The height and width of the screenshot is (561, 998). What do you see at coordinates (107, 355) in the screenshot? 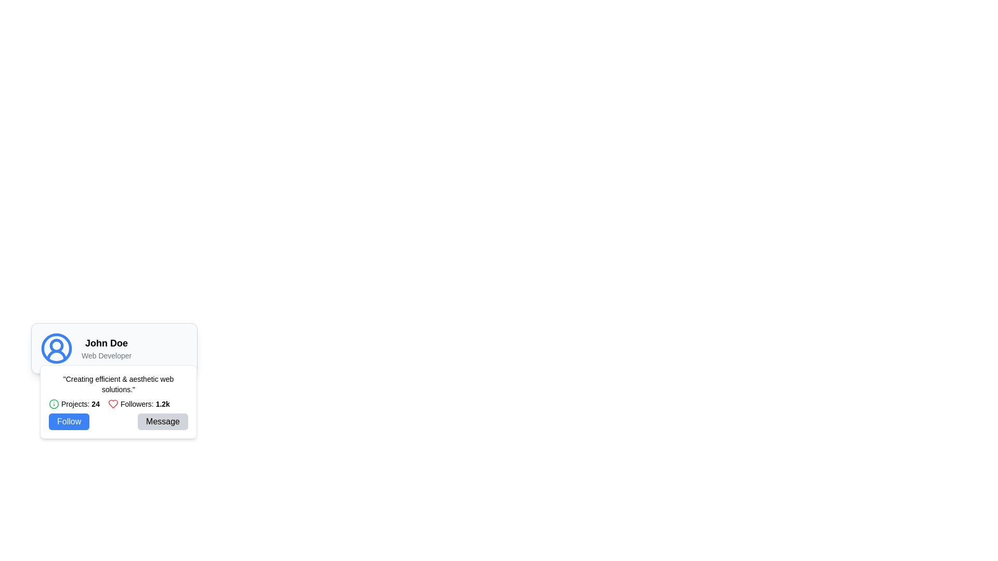
I see `text label providing information about the profession or role of the individual named 'John Doe', which is located immediately below the bold title in a card layout` at bounding box center [107, 355].